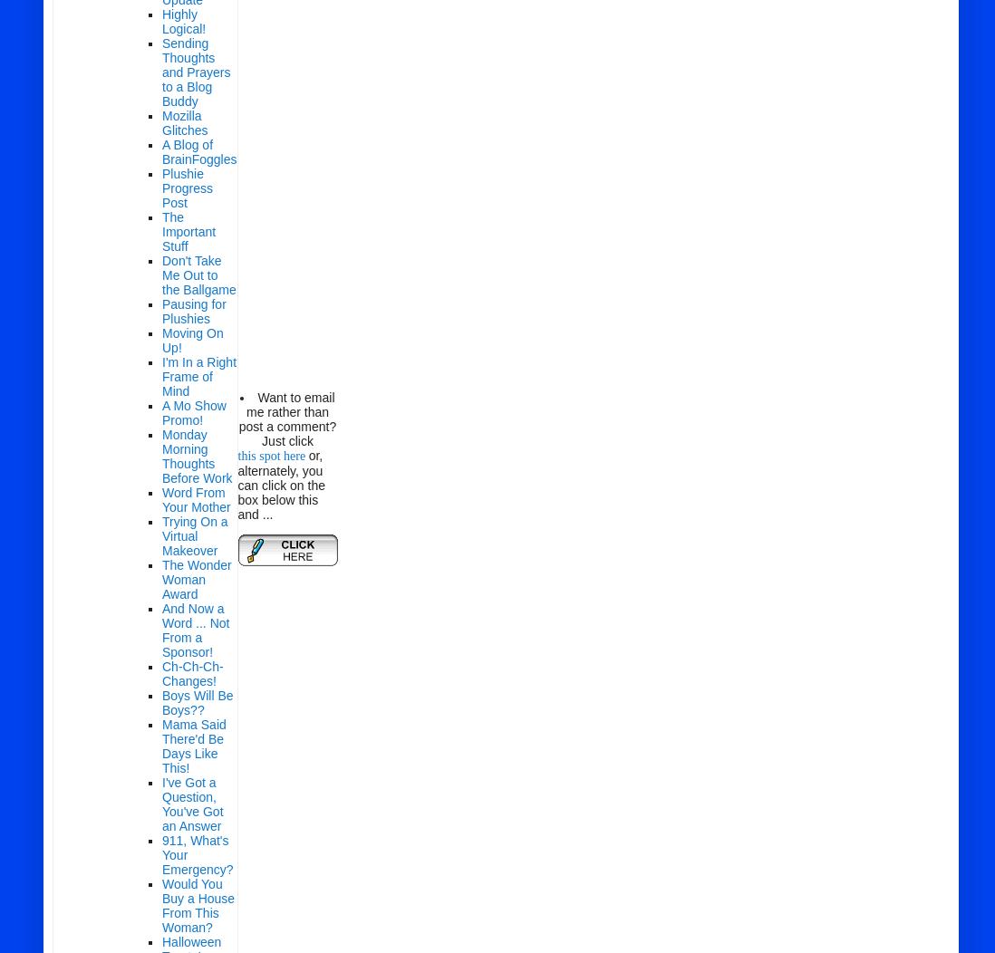  What do you see at coordinates (195, 580) in the screenshot?
I see `'The Wonder Woman Award'` at bounding box center [195, 580].